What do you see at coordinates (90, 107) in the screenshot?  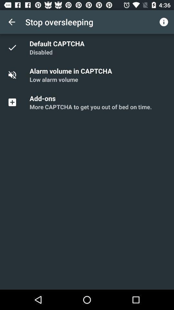 I see `the more captcha to icon` at bounding box center [90, 107].